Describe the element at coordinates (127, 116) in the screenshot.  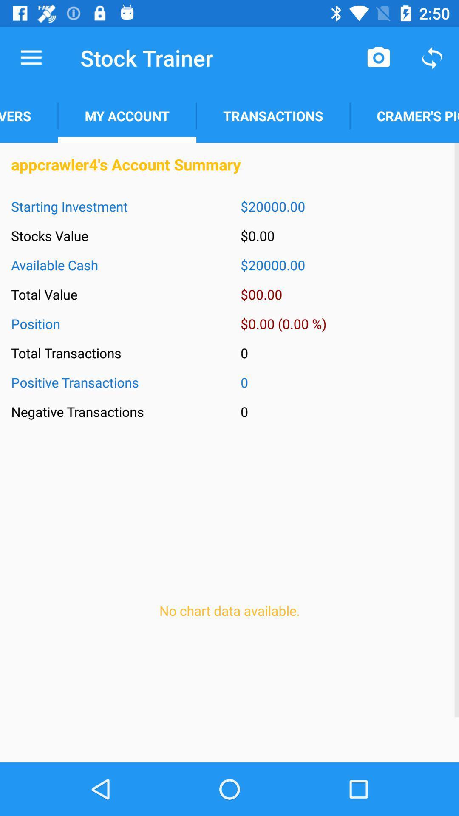
I see `the my account item` at that location.